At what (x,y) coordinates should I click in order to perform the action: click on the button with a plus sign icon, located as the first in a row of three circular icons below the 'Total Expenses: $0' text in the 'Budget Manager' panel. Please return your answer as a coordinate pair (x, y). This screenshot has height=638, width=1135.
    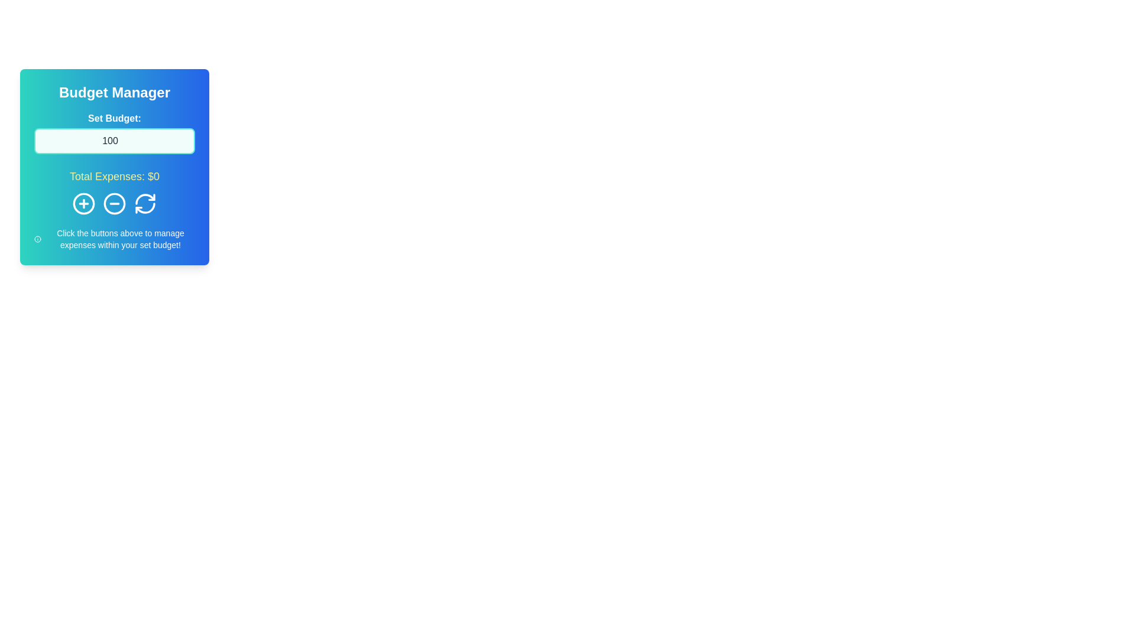
    Looking at the image, I should click on (83, 203).